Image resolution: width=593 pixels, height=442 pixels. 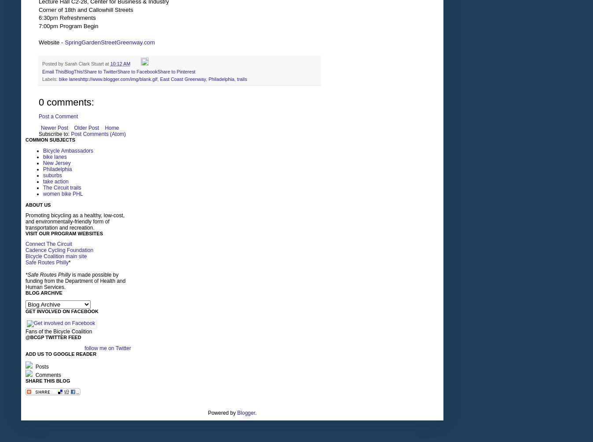 I want to click on 'The Circuit trails', so click(x=62, y=188).